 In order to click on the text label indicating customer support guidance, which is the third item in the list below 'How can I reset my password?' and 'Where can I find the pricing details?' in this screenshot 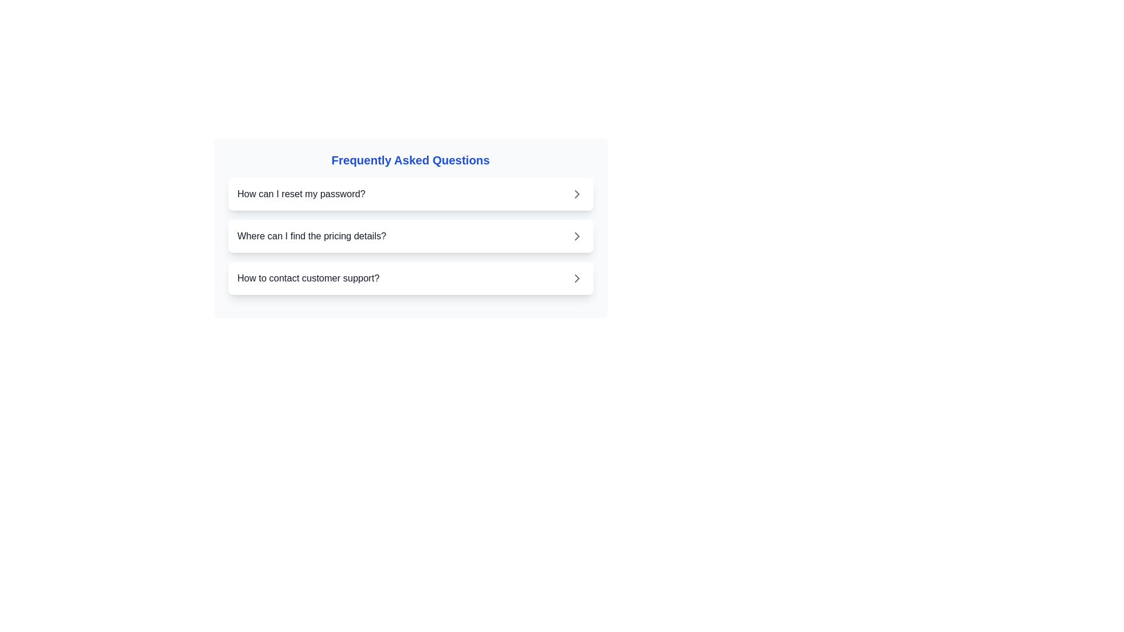, I will do `click(308, 278)`.